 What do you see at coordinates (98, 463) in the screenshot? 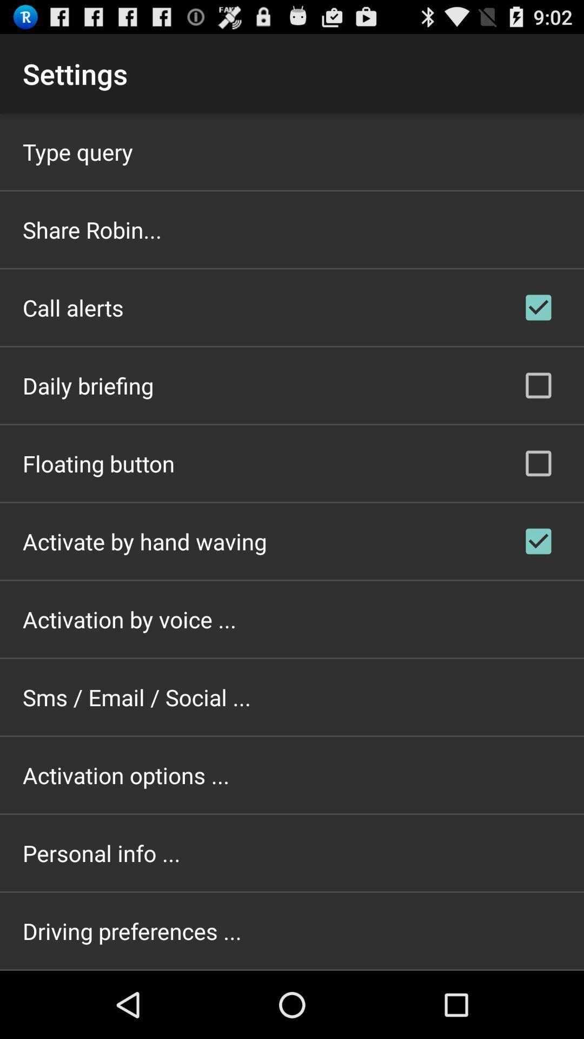
I see `app above the activate by hand app` at bounding box center [98, 463].